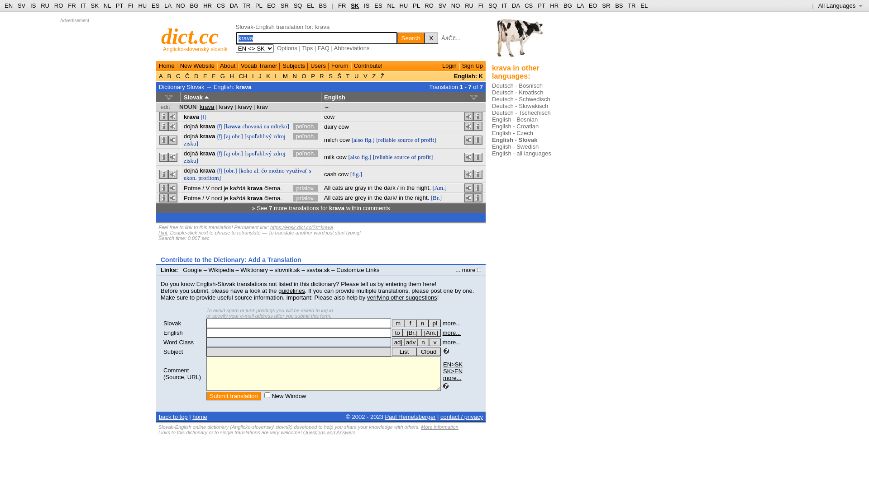 Image resolution: width=869 pixels, height=488 pixels. I want to click on 'EN>SK', so click(453, 364).